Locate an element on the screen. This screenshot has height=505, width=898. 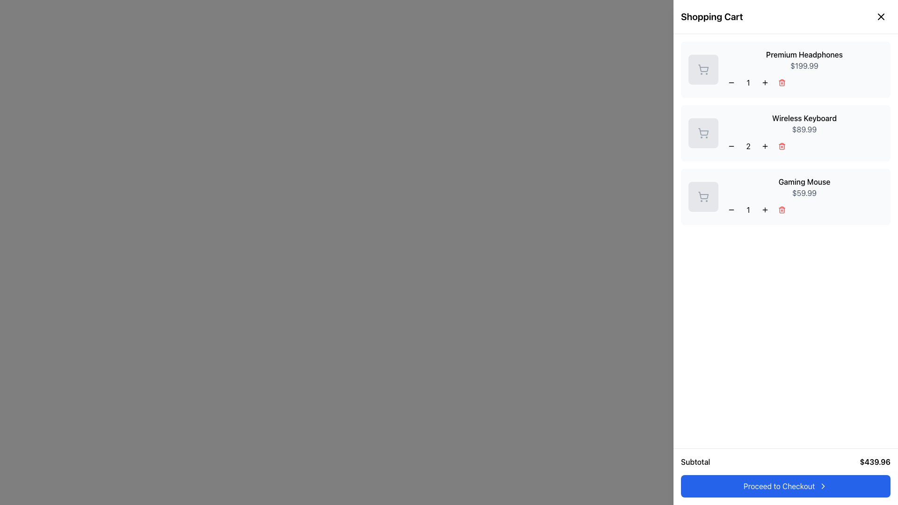
the text display indicating the current quantity of 'Premium Headphones' in the shopping cart interface, located between the decrement and increment buttons is located at coordinates (747, 82).